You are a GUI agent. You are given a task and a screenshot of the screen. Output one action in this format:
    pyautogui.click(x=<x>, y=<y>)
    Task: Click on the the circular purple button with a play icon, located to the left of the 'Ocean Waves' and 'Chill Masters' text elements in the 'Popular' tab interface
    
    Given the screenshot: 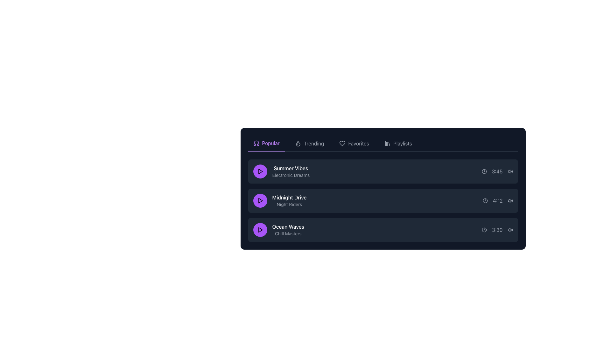 What is the action you would take?
    pyautogui.click(x=260, y=230)
    